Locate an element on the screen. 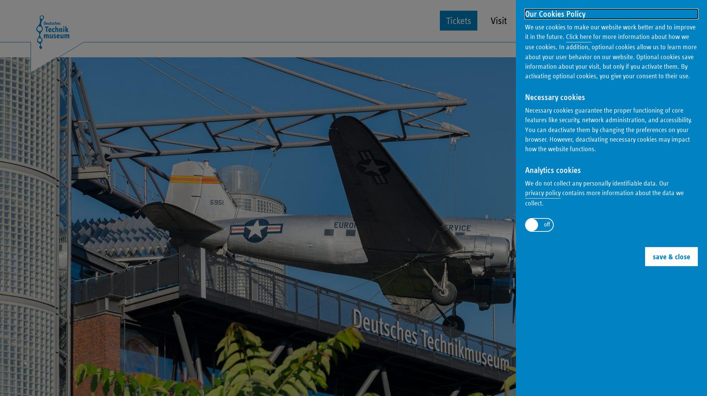 The height and width of the screenshot is (396, 707). 'Analytics cookies' is located at coordinates (553, 170).